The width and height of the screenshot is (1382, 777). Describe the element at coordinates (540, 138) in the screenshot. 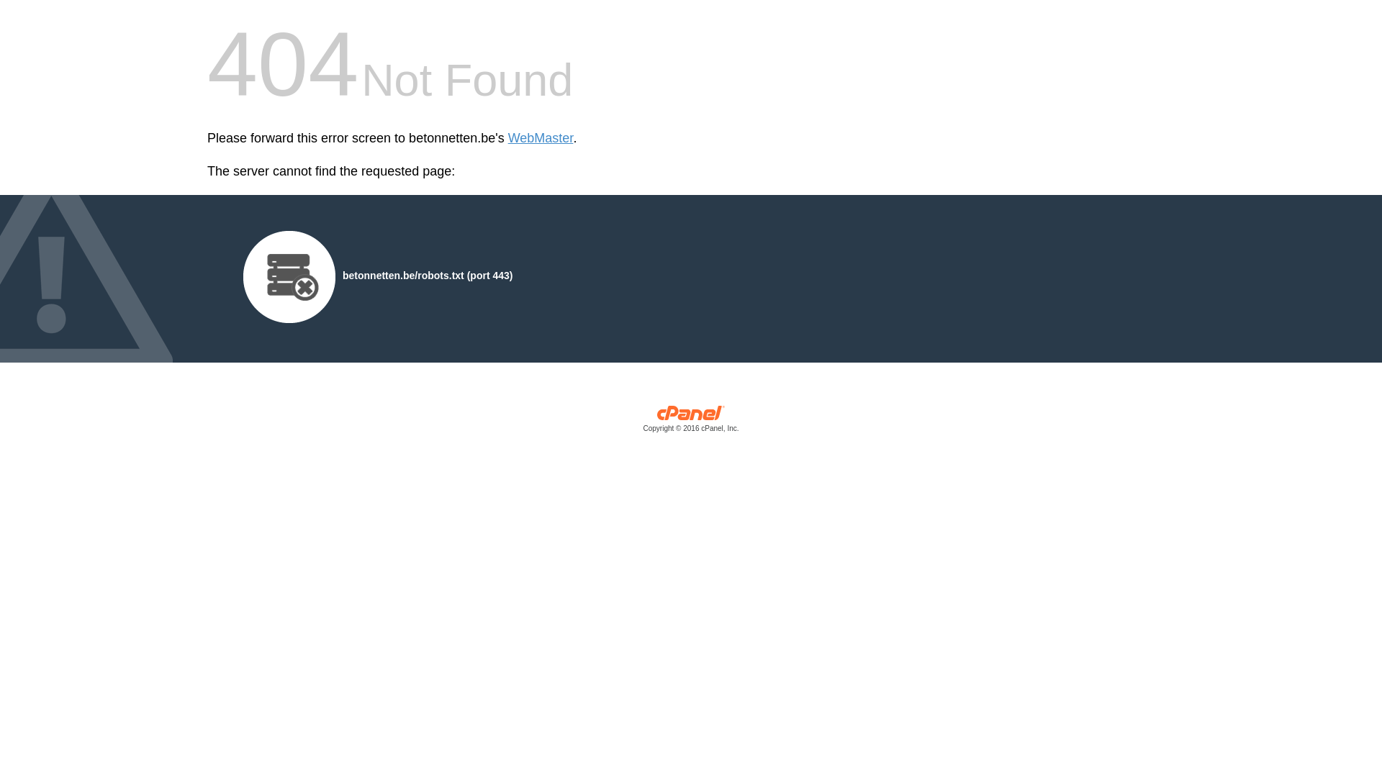

I see `'WebMaster'` at that location.